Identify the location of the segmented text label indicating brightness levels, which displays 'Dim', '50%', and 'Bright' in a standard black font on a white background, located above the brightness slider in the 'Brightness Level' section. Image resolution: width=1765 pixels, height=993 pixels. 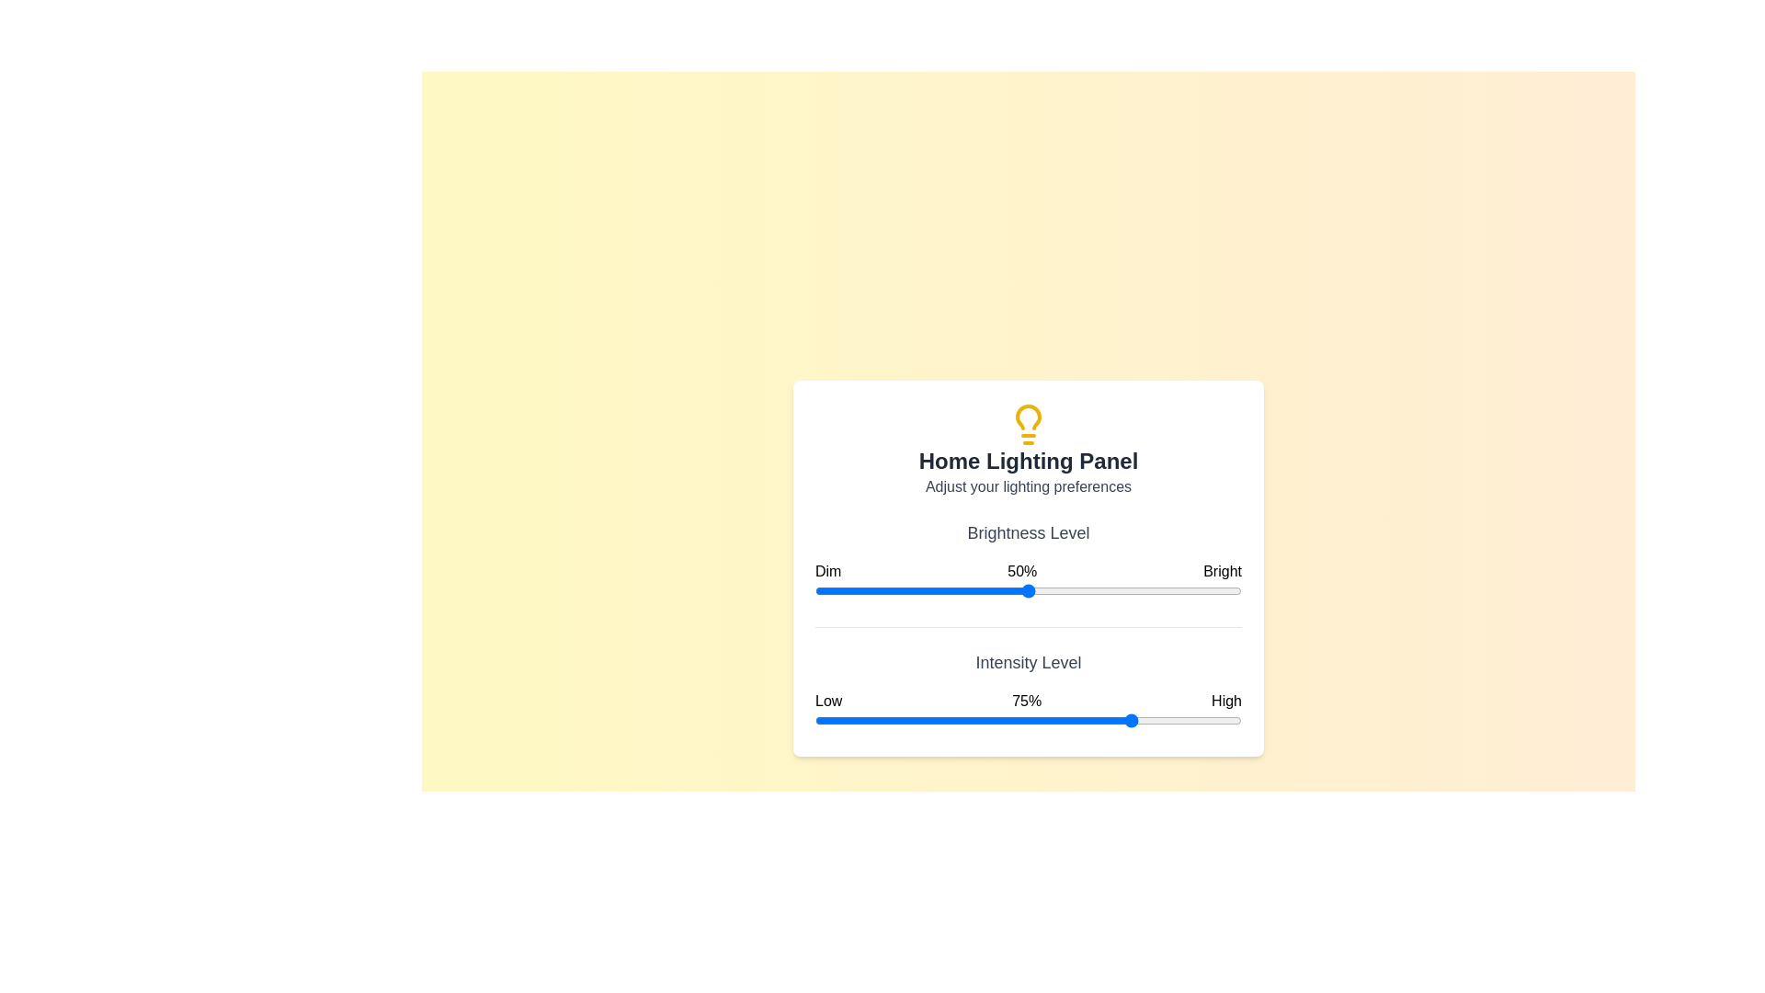
(1027, 570).